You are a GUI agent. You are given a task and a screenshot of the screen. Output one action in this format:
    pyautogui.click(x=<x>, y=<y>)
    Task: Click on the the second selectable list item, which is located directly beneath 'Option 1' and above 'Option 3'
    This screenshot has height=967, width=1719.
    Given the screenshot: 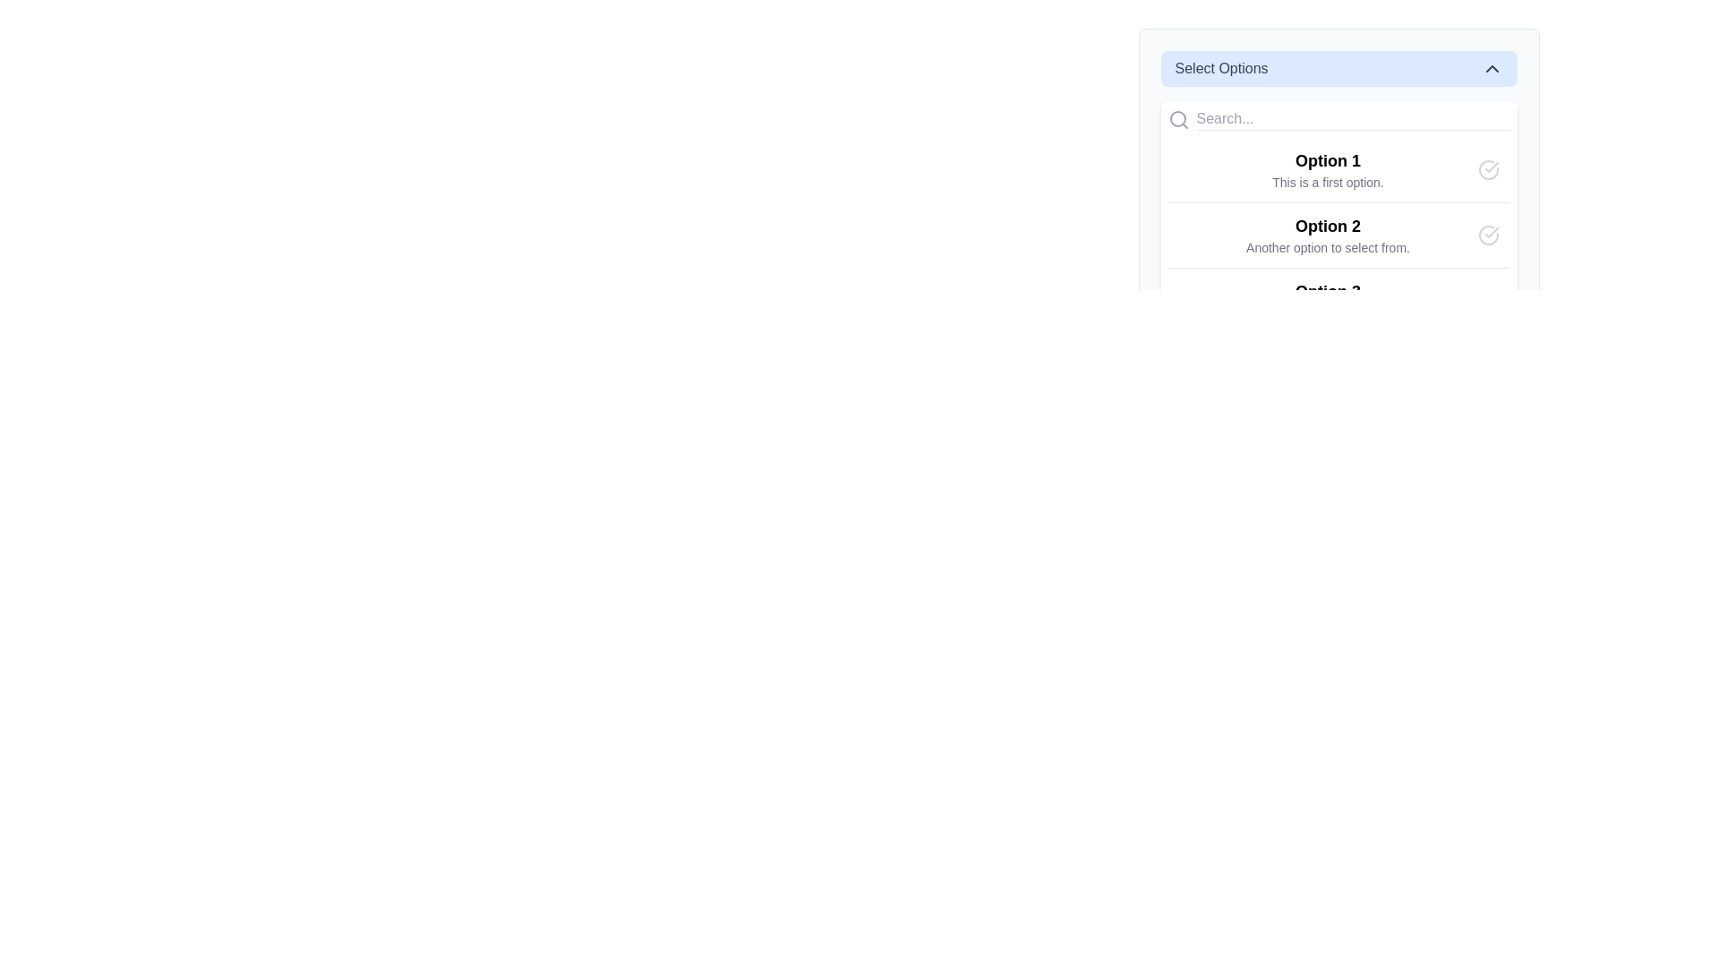 What is the action you would take?
    pyautogui.click(x=1338, y=234)
    